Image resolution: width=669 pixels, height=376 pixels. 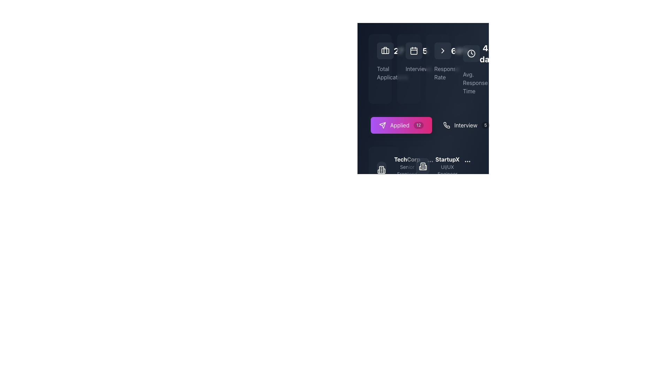 What do you see at coordinates (423, 166) in the screenshot?
I see `the rounded rectangle icon representing a building, styled in white on a dark background` at bounding box center [423, 166].